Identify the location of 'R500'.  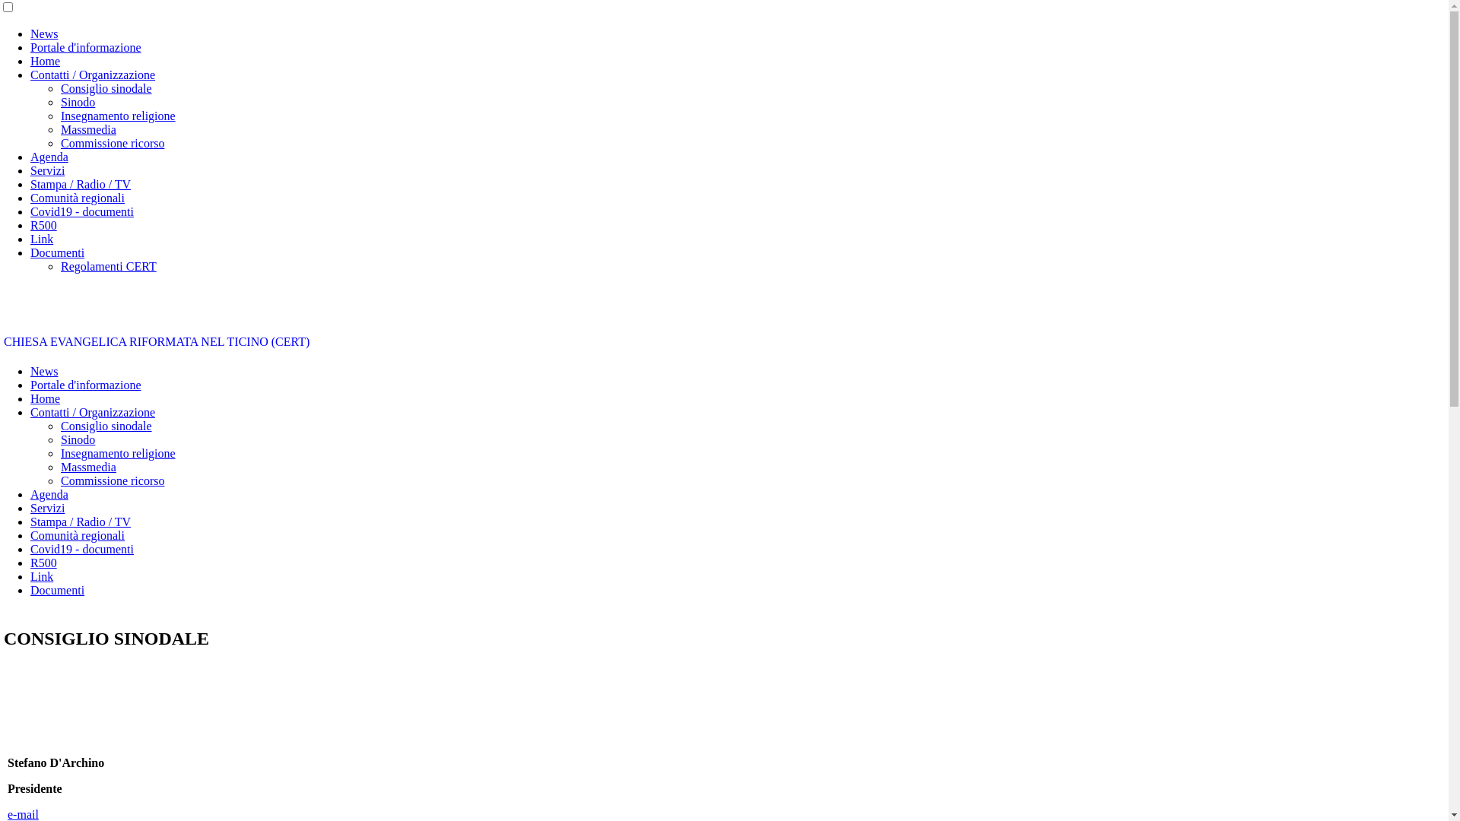
(43, 563).